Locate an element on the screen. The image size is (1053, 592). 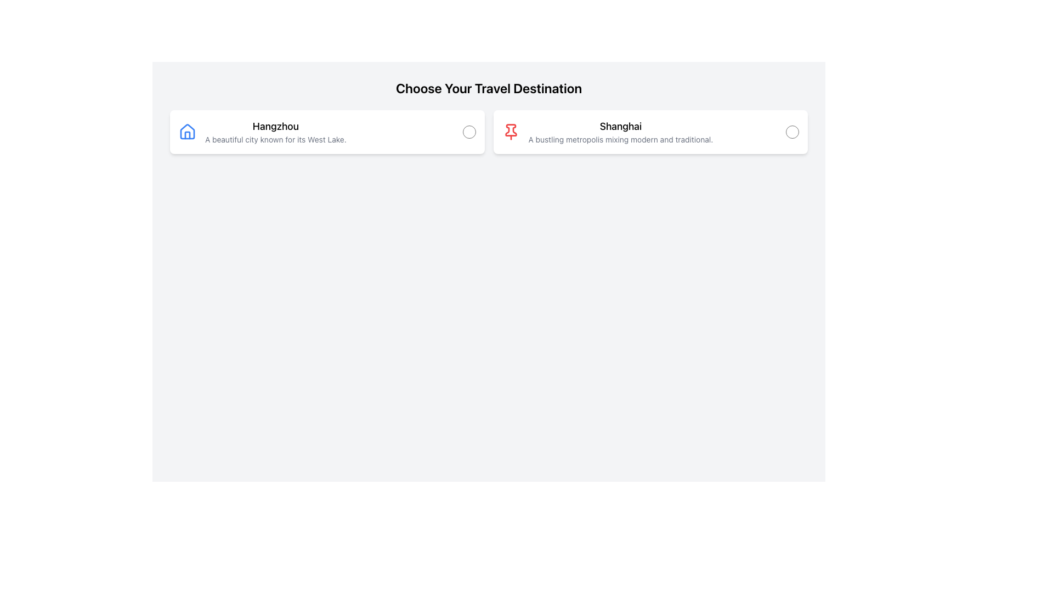
static text label displaying 'Hangzhou' in bold at the top of the first card on the left is located at coordinates (275, 126).